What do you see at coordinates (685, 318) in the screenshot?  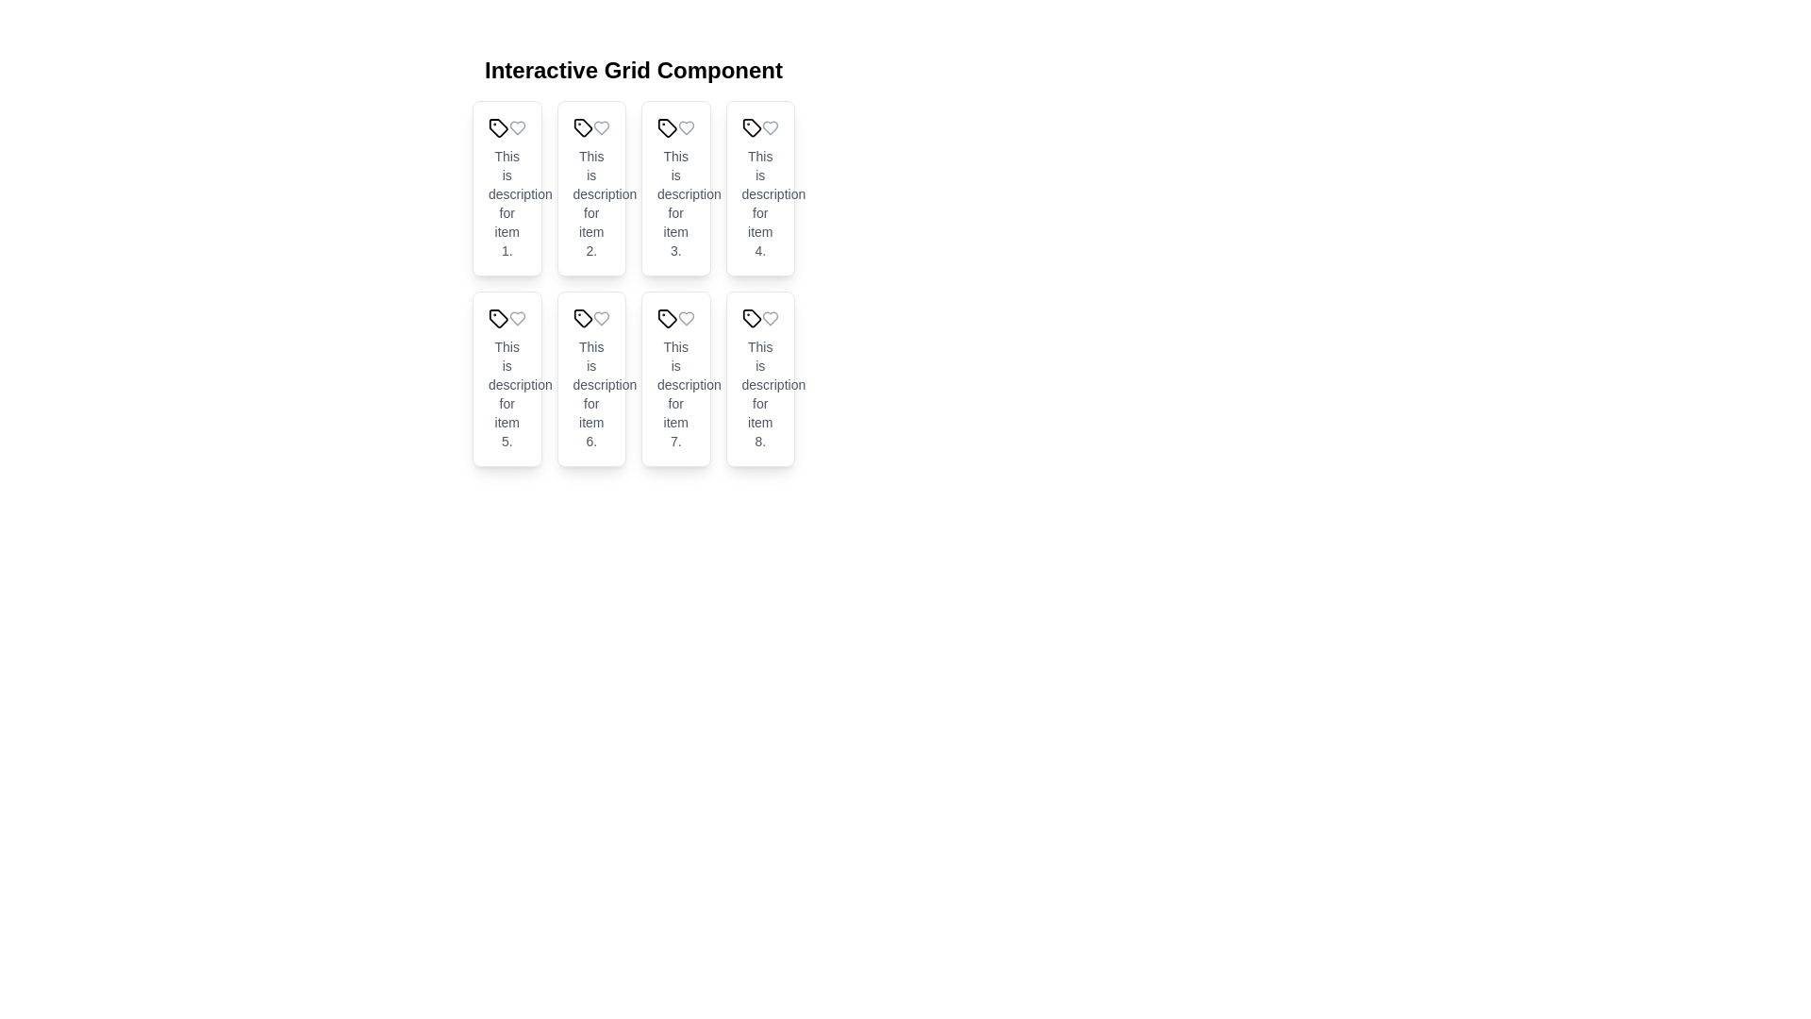 I see `the 'like' or 'favorite' icon located in the top-right corner of the seventh card in the grid layout` at bounding box center [685, 318].